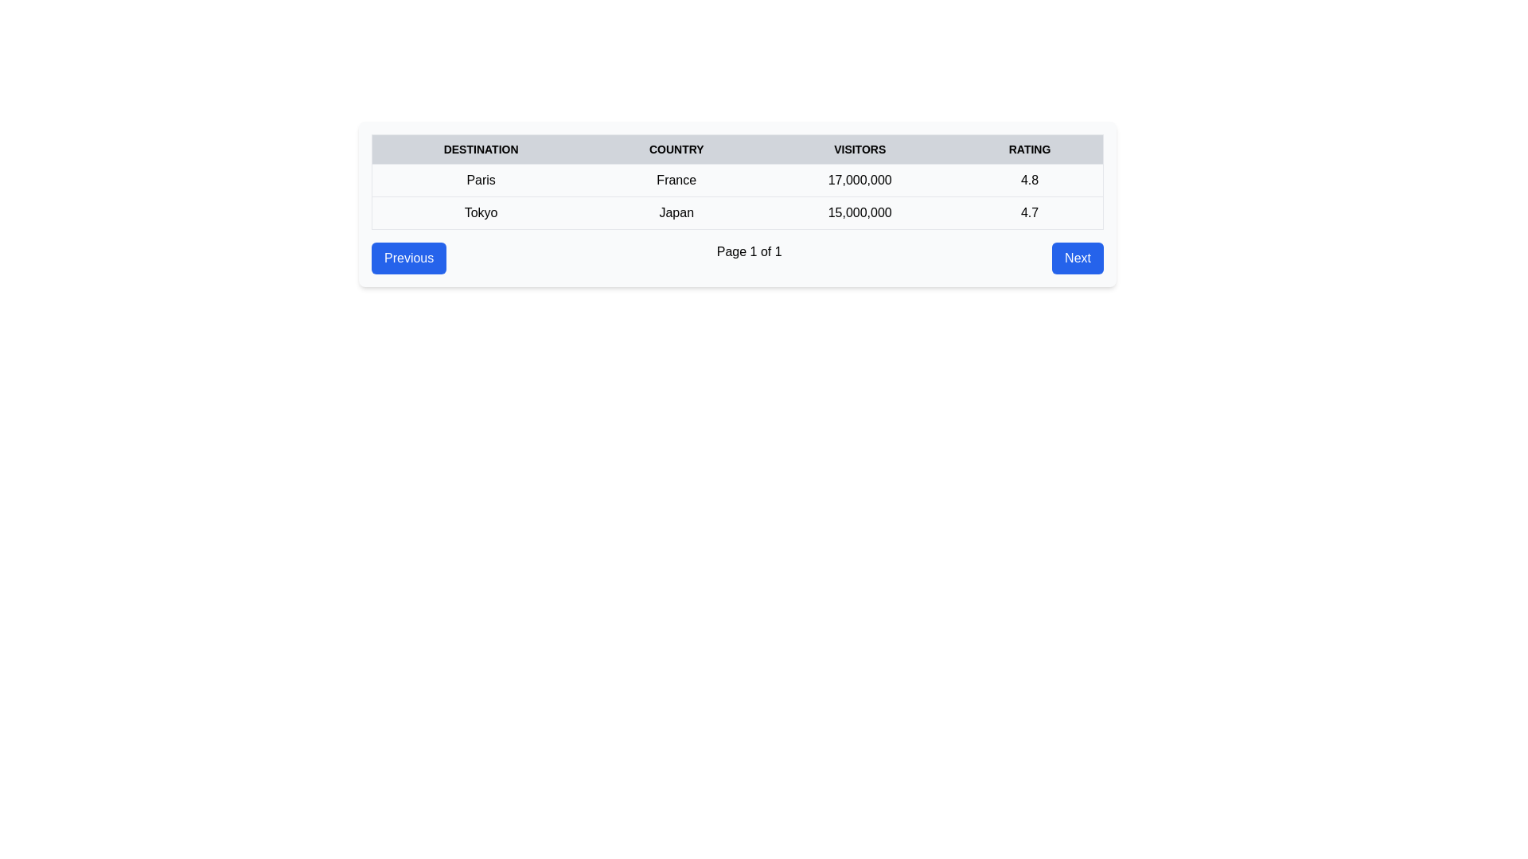 The image size is (1528, 859). Describe the element at coordinates (1030, 180) in the screenshot. I see `the text display showing the rating value '4.8' in black text, located in the last column of the first row for 'Paris, France, 17,000,000 visitors'` at that location.